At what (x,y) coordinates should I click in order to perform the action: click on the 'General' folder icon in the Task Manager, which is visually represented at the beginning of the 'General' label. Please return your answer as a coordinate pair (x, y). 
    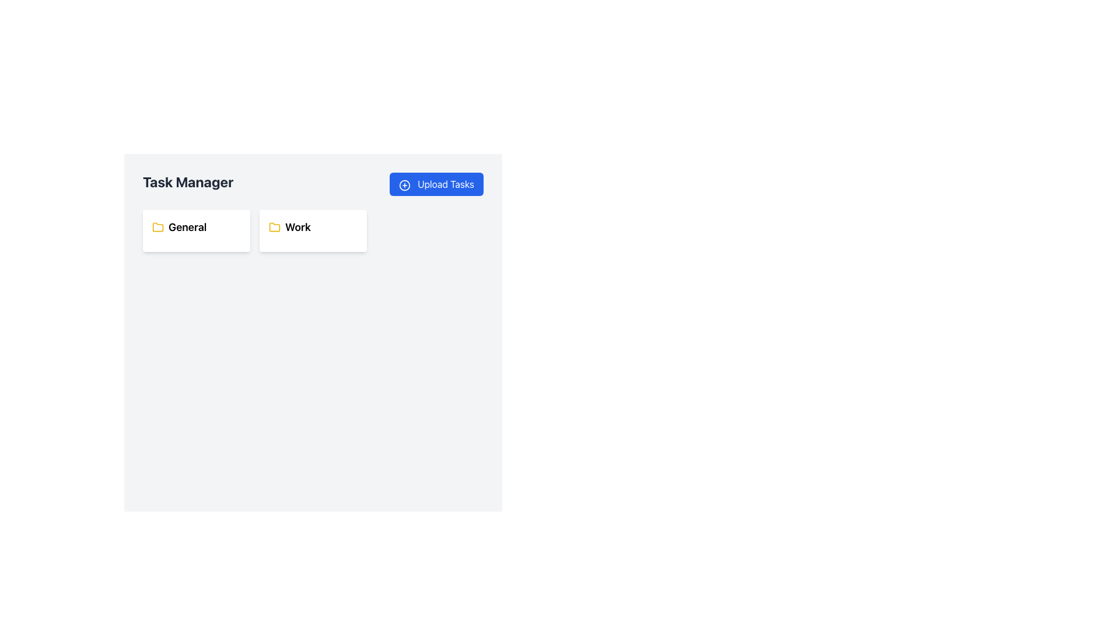
    Looking at the image, I should click on (157, 227).